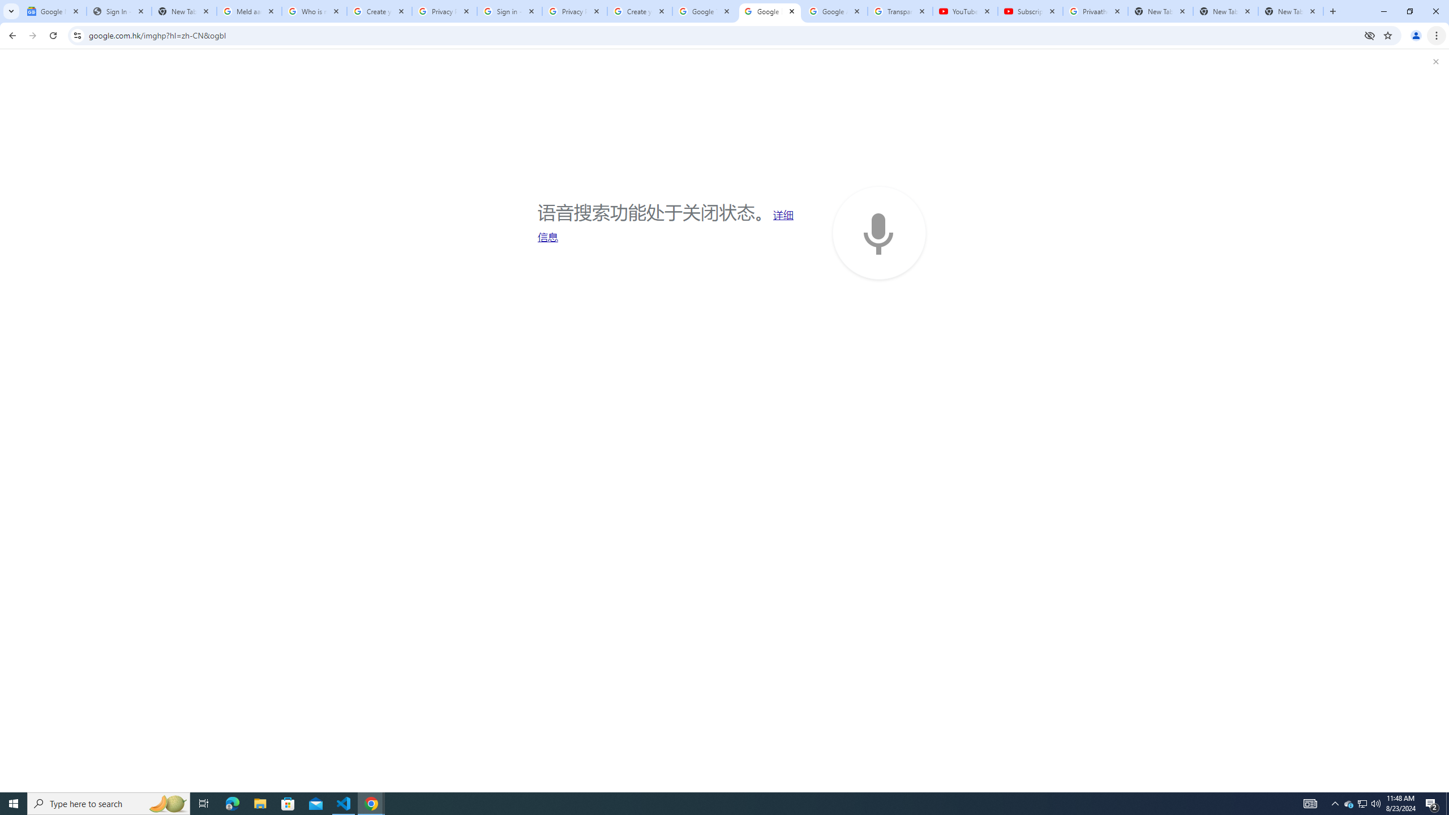 This screenshot has height=815, width=1449. Describe the element at coordinates (834, 11) in the screenshot. I see `'Google Account'` at that location.